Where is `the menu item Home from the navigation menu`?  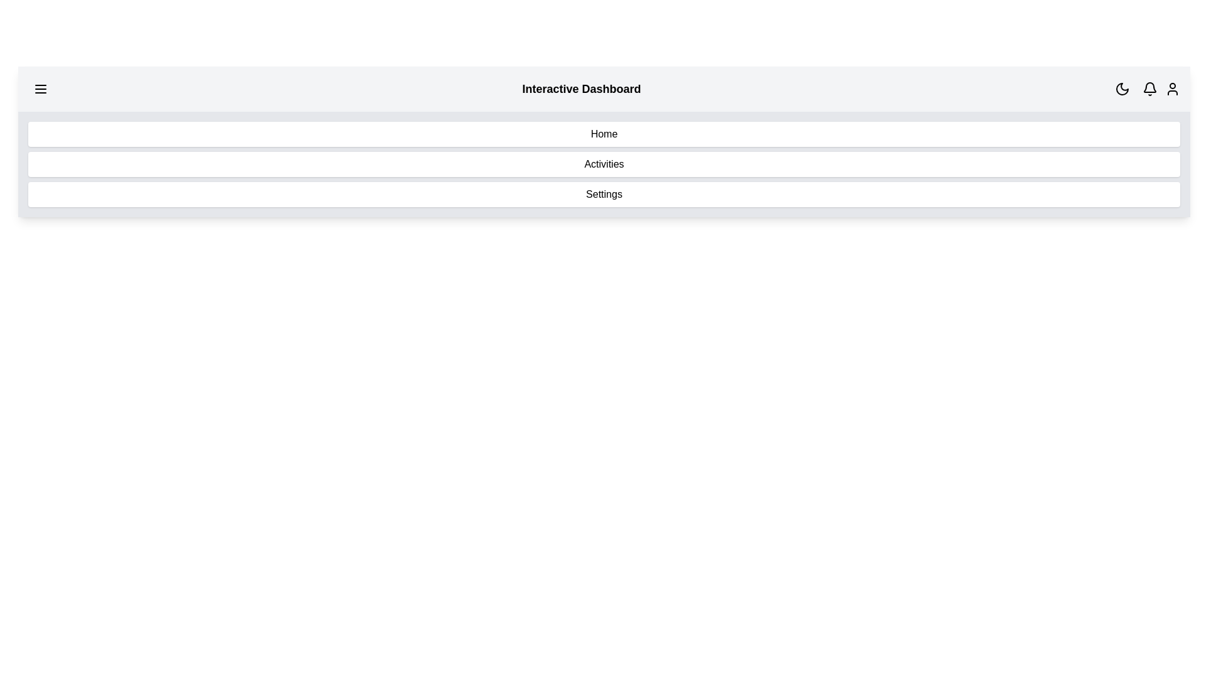
the menu item Home from the navigation menu is located at coordinates (604, 134).